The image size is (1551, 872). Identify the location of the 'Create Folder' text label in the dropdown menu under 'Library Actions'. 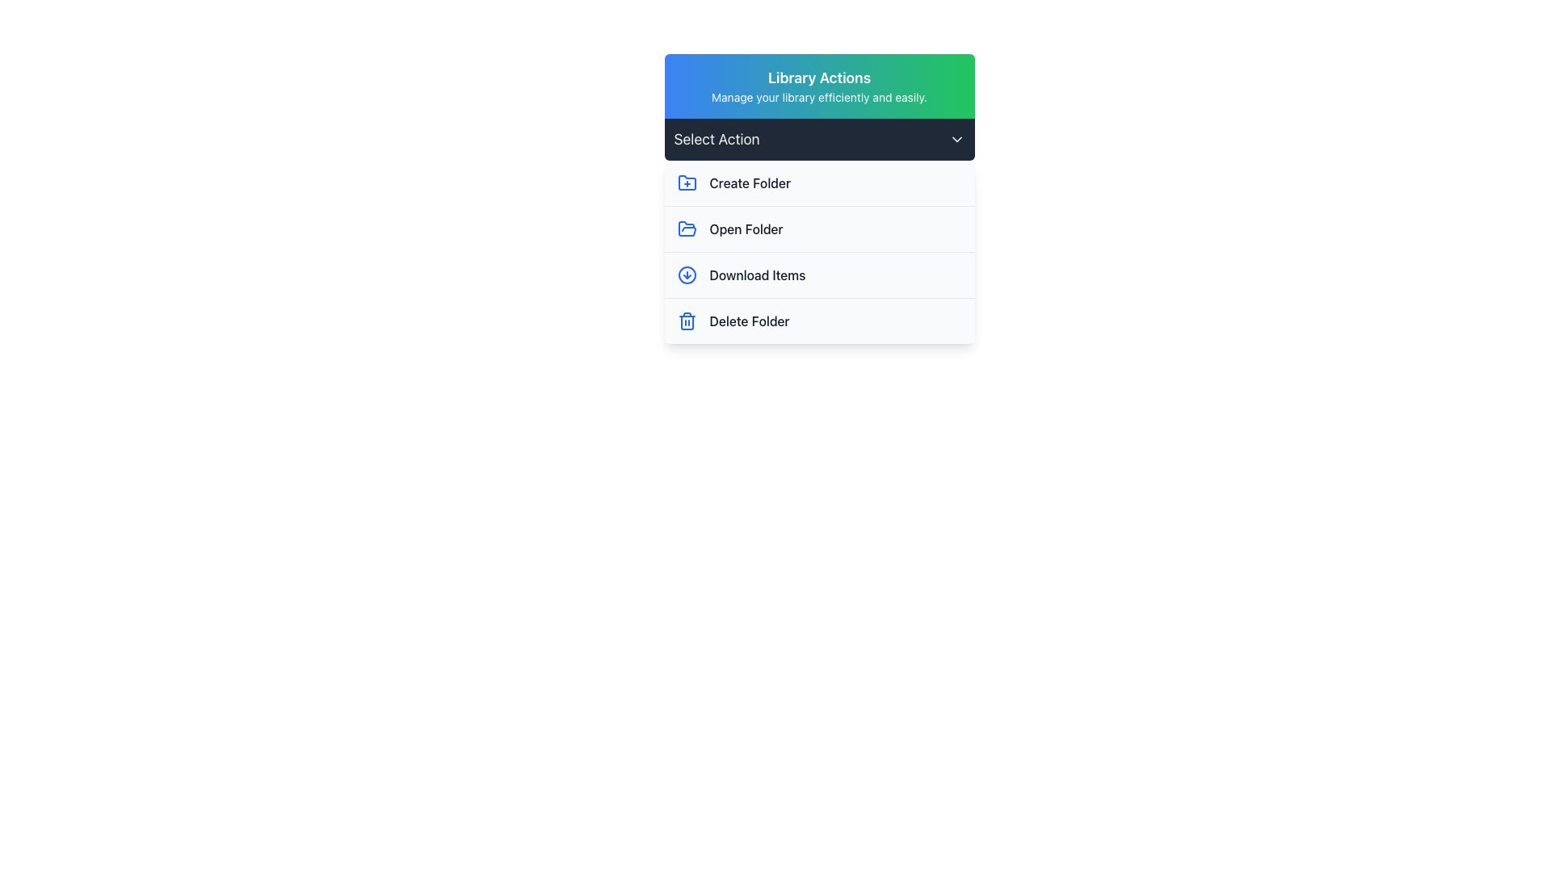
(749, 182).